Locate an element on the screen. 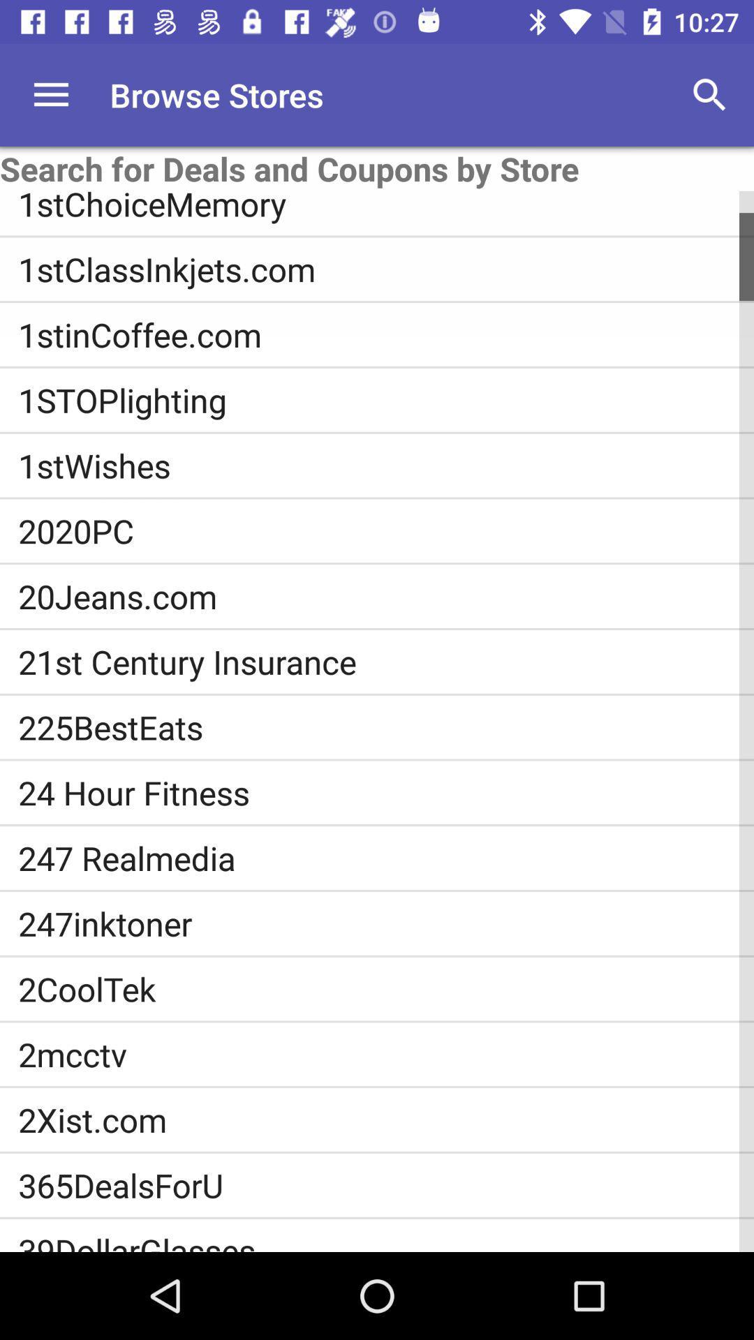 The width and height of the screenshot is (754, 1340). the icon above the search for deals item is located at coordinates (50, 94).